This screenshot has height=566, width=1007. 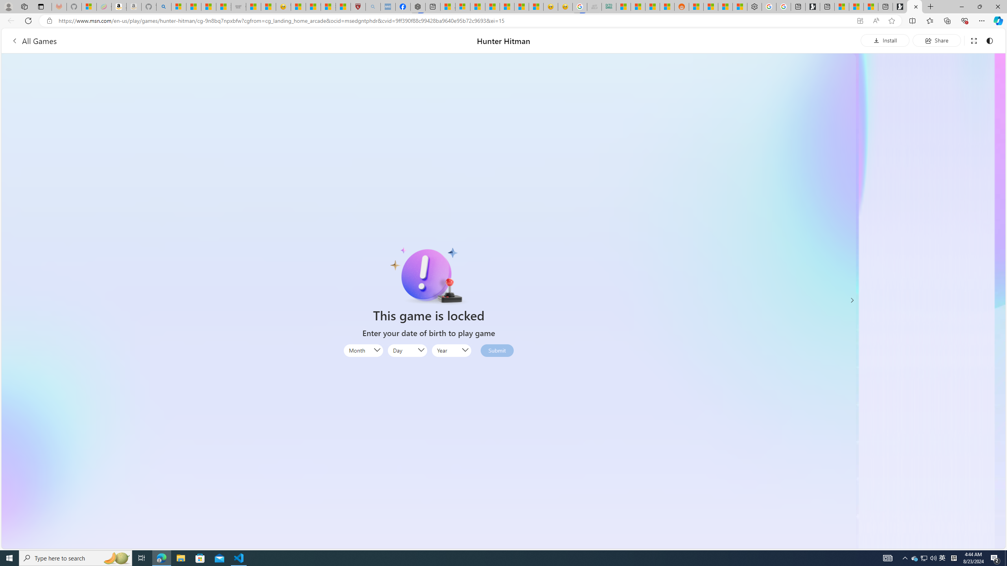 I want to click on 'These 3 Stocks Pay You More Than 5% to Own Them', so click(x=871, y=6).